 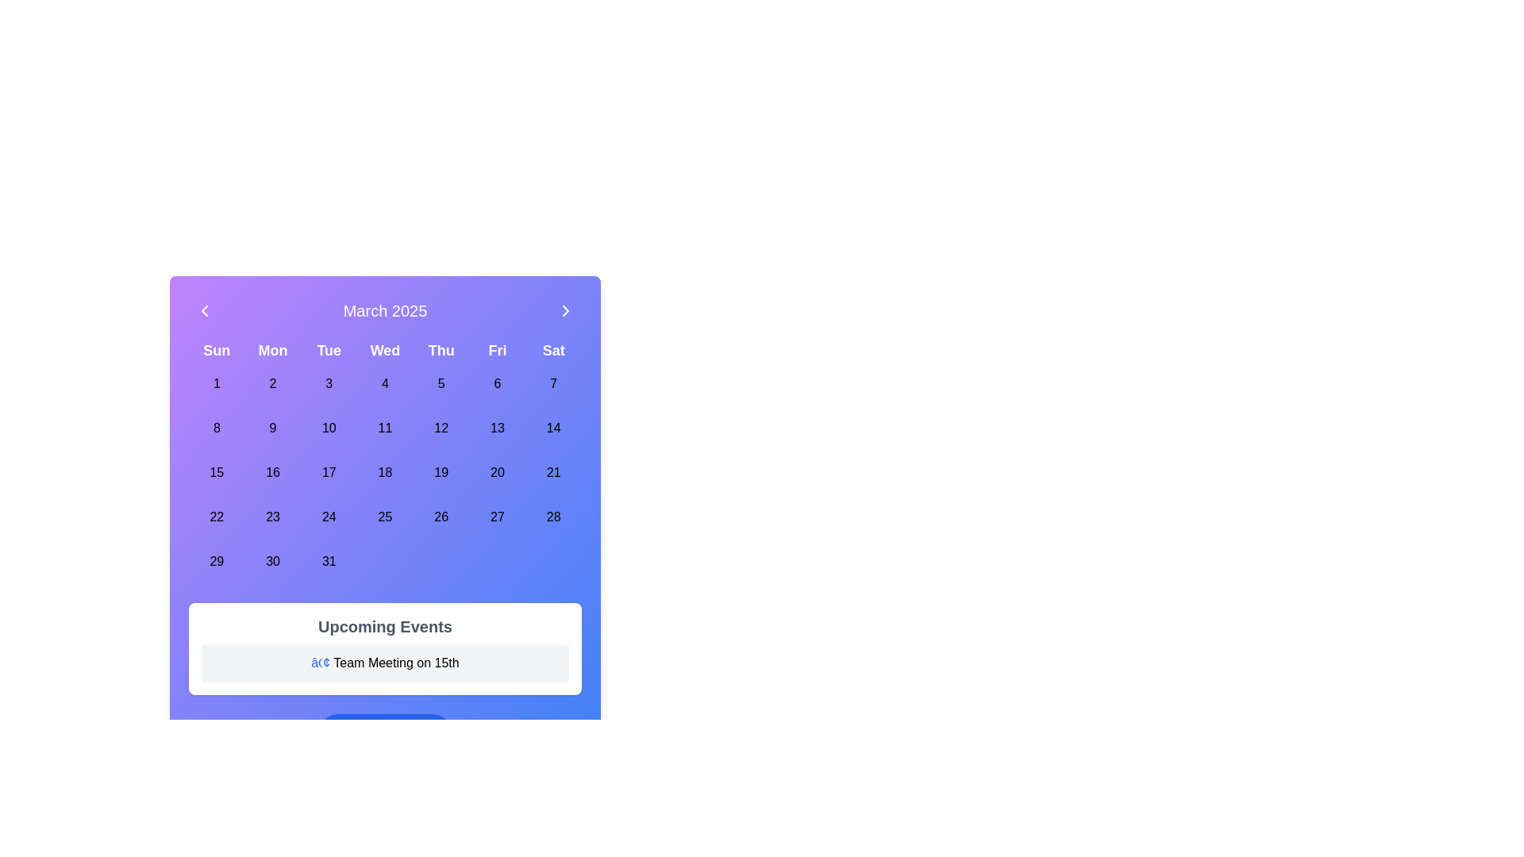 What do you see at coordinates (328, 383) in the screenshot?
I see `the button representing the date '3' in the first row, third column of the weekly grid calendar` at bounding box center [328, 383].